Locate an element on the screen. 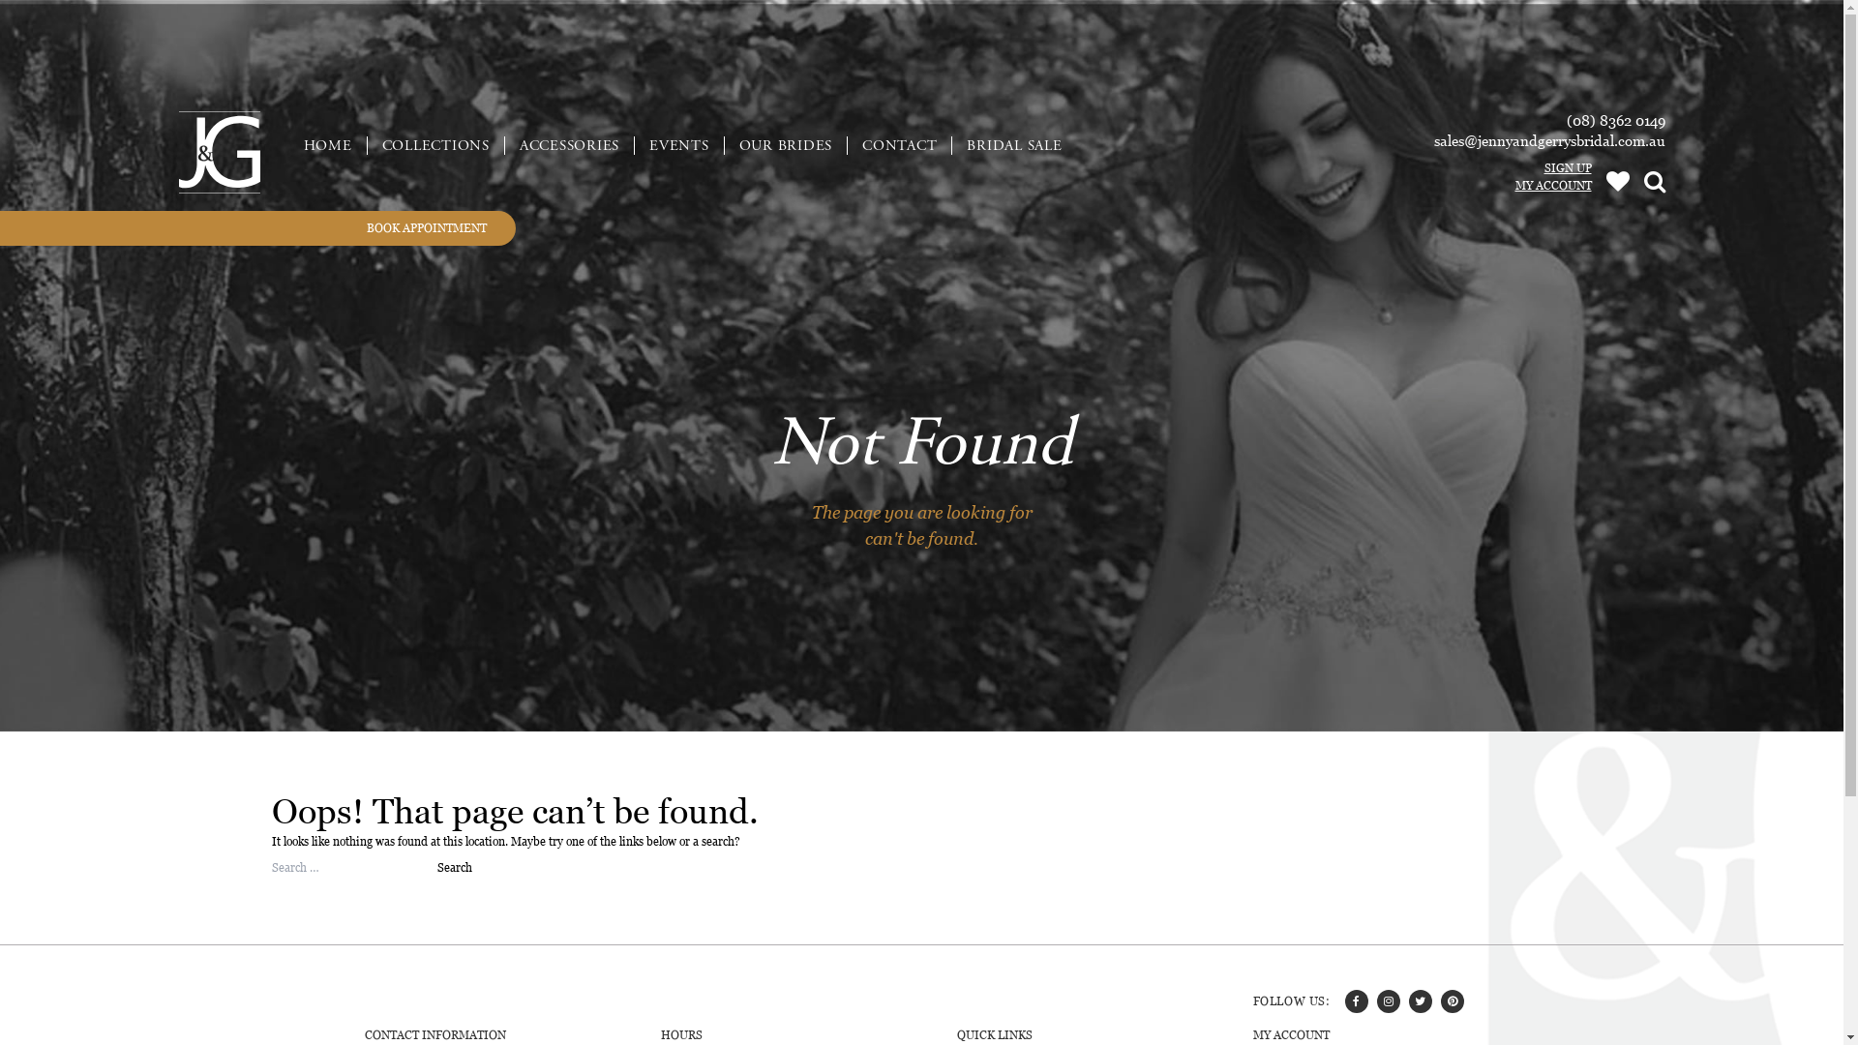 The image size is (1858, 1045). 'SIGN UP' is located at coordinates (1510, 166).